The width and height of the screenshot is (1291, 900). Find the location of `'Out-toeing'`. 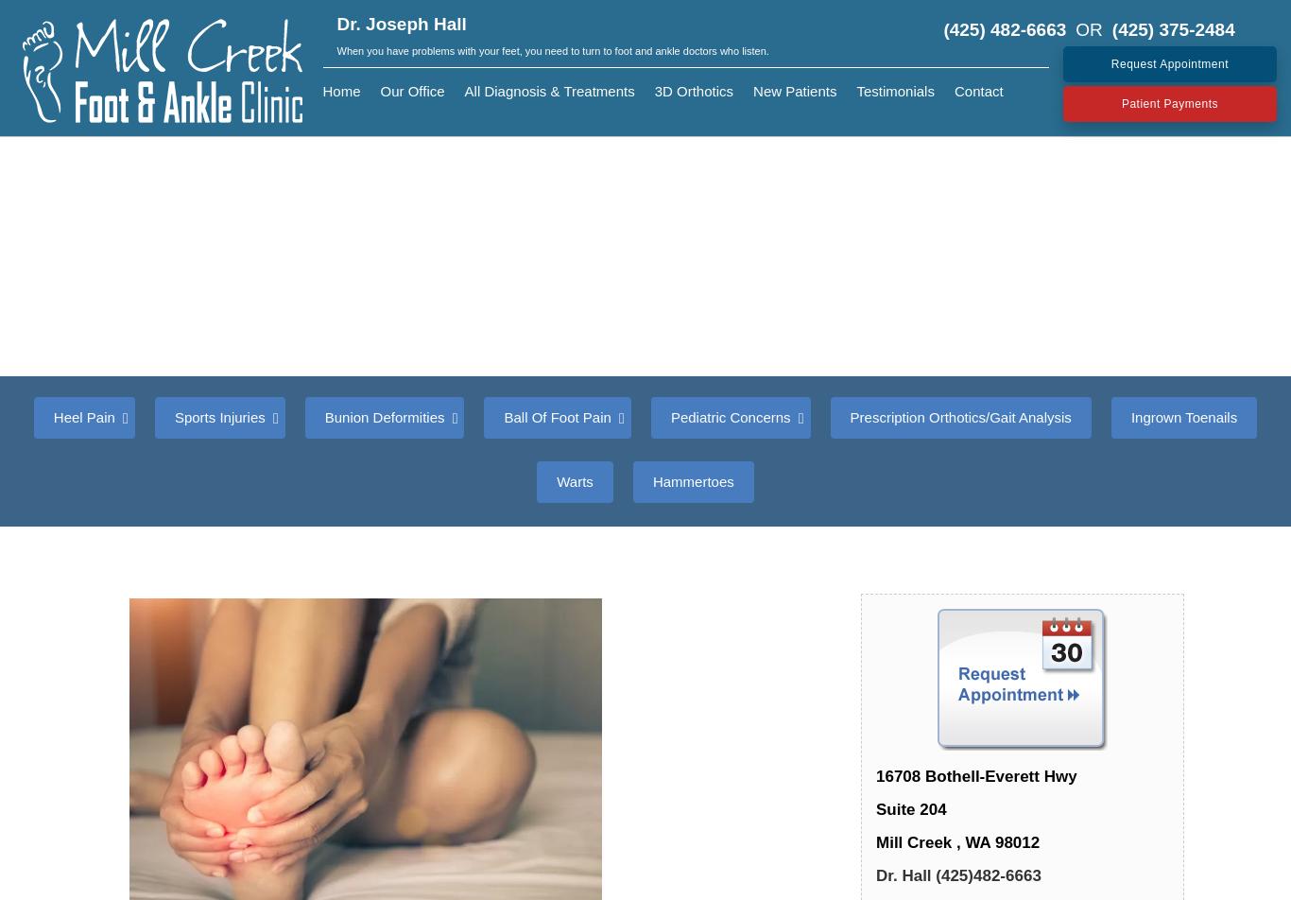

'Out-toeing' is located at coordinates (1005, 633).